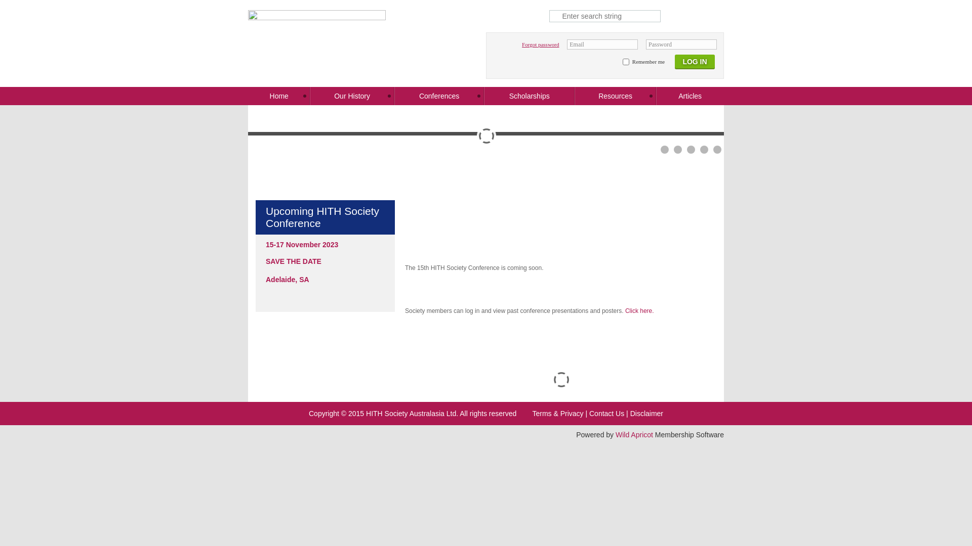 This screenshot has width=972, height=546. What do you see at coordinates (439, 96) in the screenshot?
I see `'Conferences'` at bounding box center [439, 96].